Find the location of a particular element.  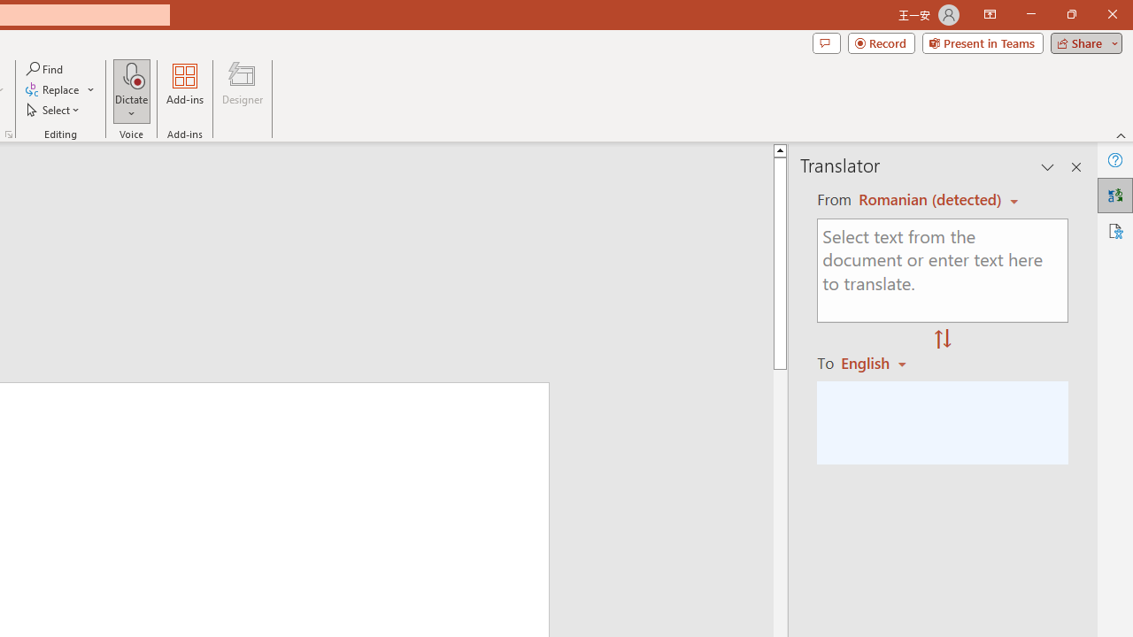

'Share' is located at coordinates (1082, 42).